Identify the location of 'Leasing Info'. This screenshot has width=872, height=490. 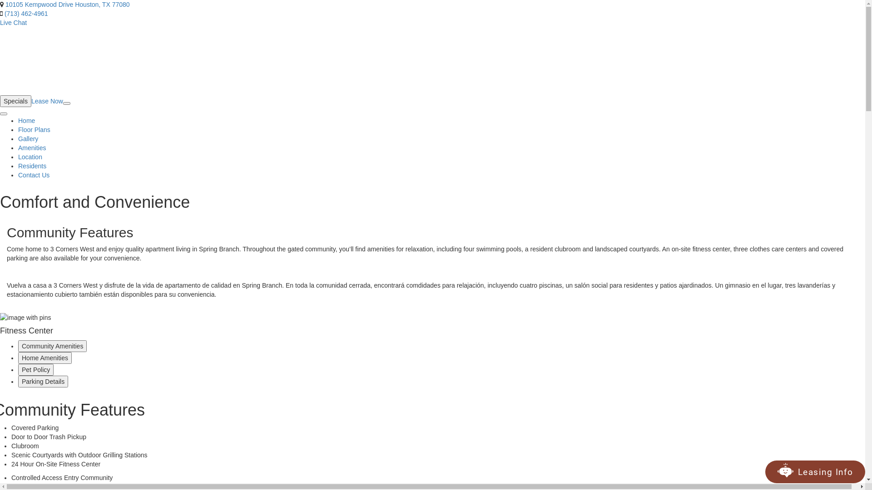
(793, 471).